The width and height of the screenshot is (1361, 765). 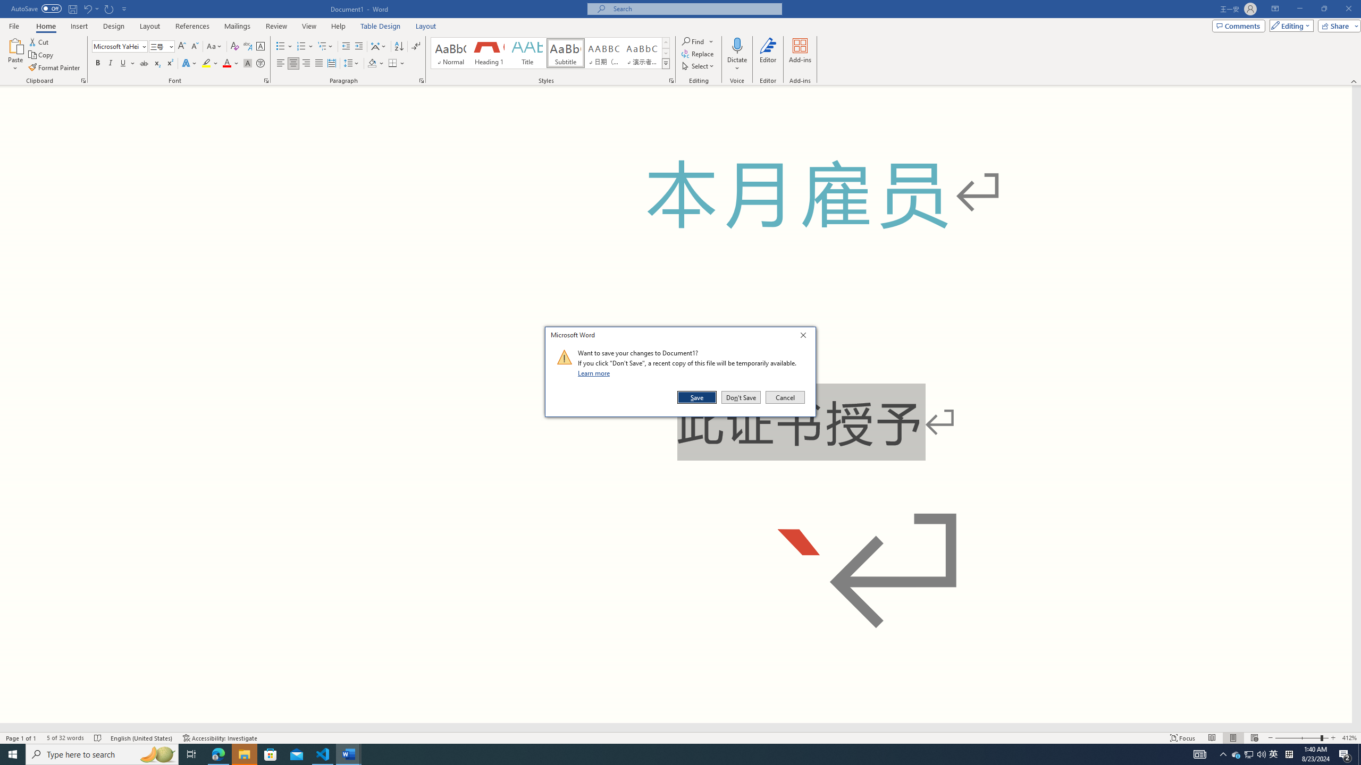 I want to click on 'Character Border', so click(x=260, y=46).